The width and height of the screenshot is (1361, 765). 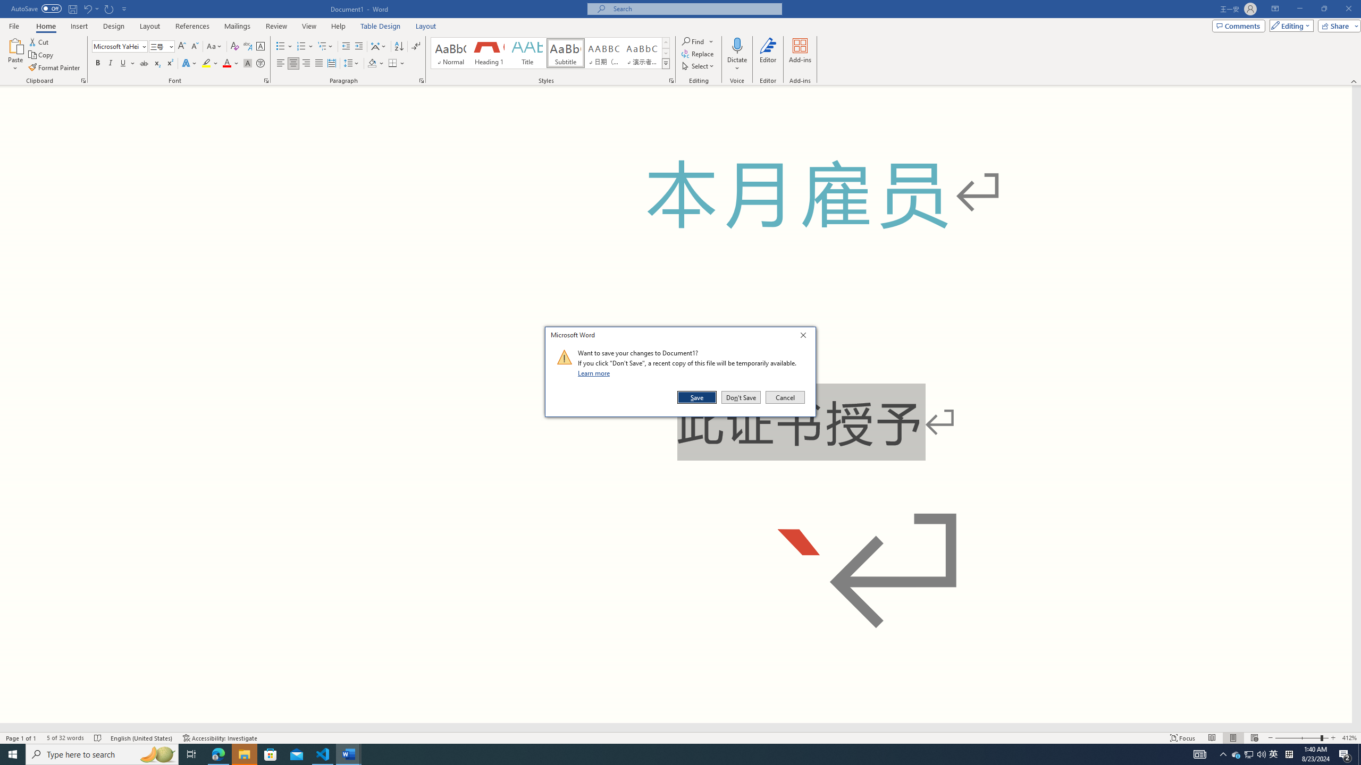 I want to click on 'Character Border', so click(x=260, y=46).